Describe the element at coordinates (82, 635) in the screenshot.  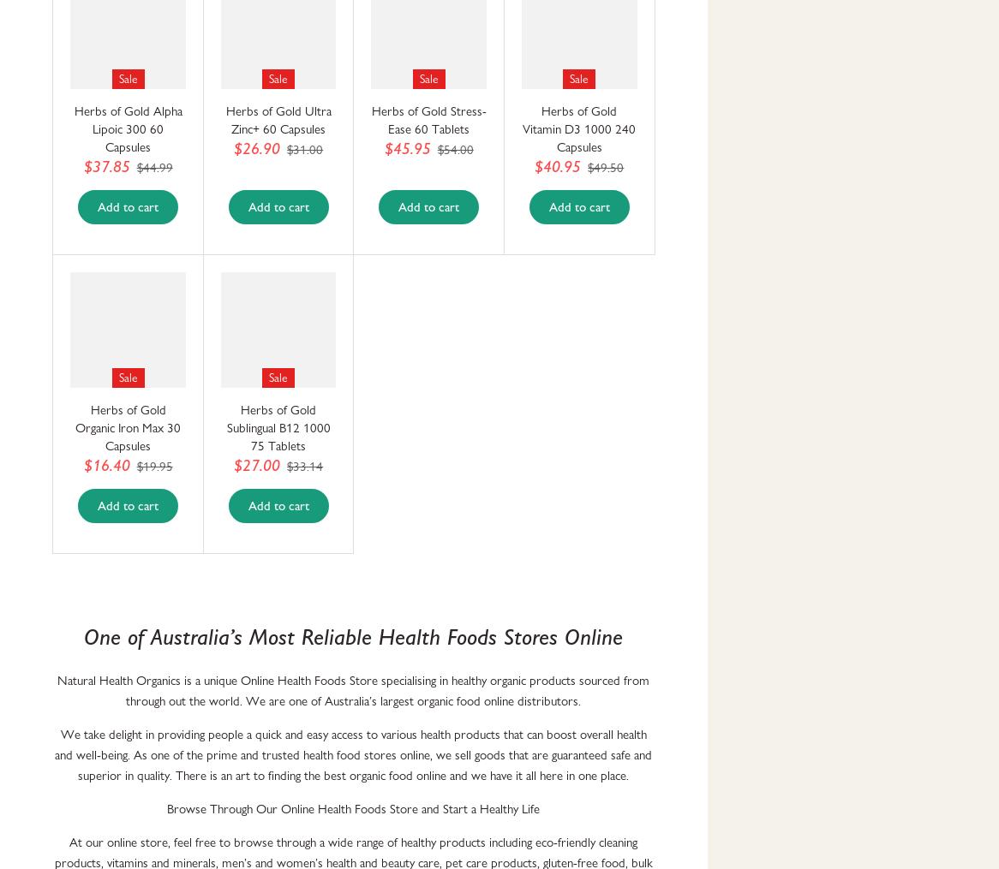
I see `'One of Australia’s Most Reliable Health Foods Stores Online'` at that location.